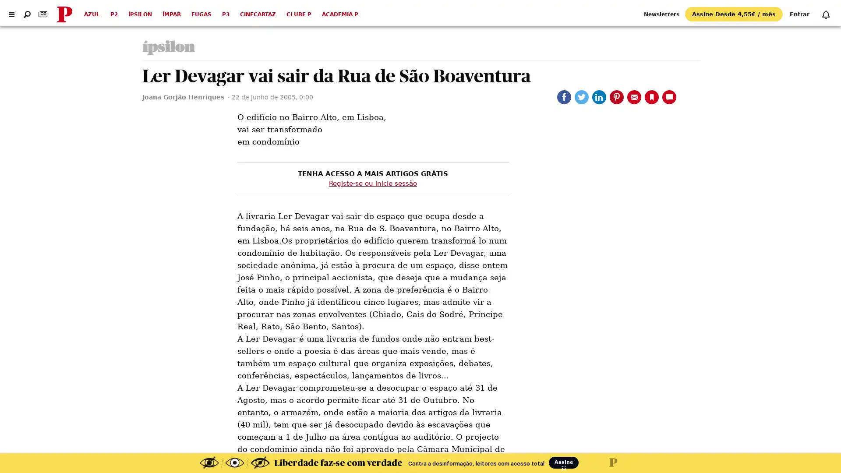 Image resolution: width=841 pixels, height=473 pixels. I want to click on Entrar, so click(799, 14).